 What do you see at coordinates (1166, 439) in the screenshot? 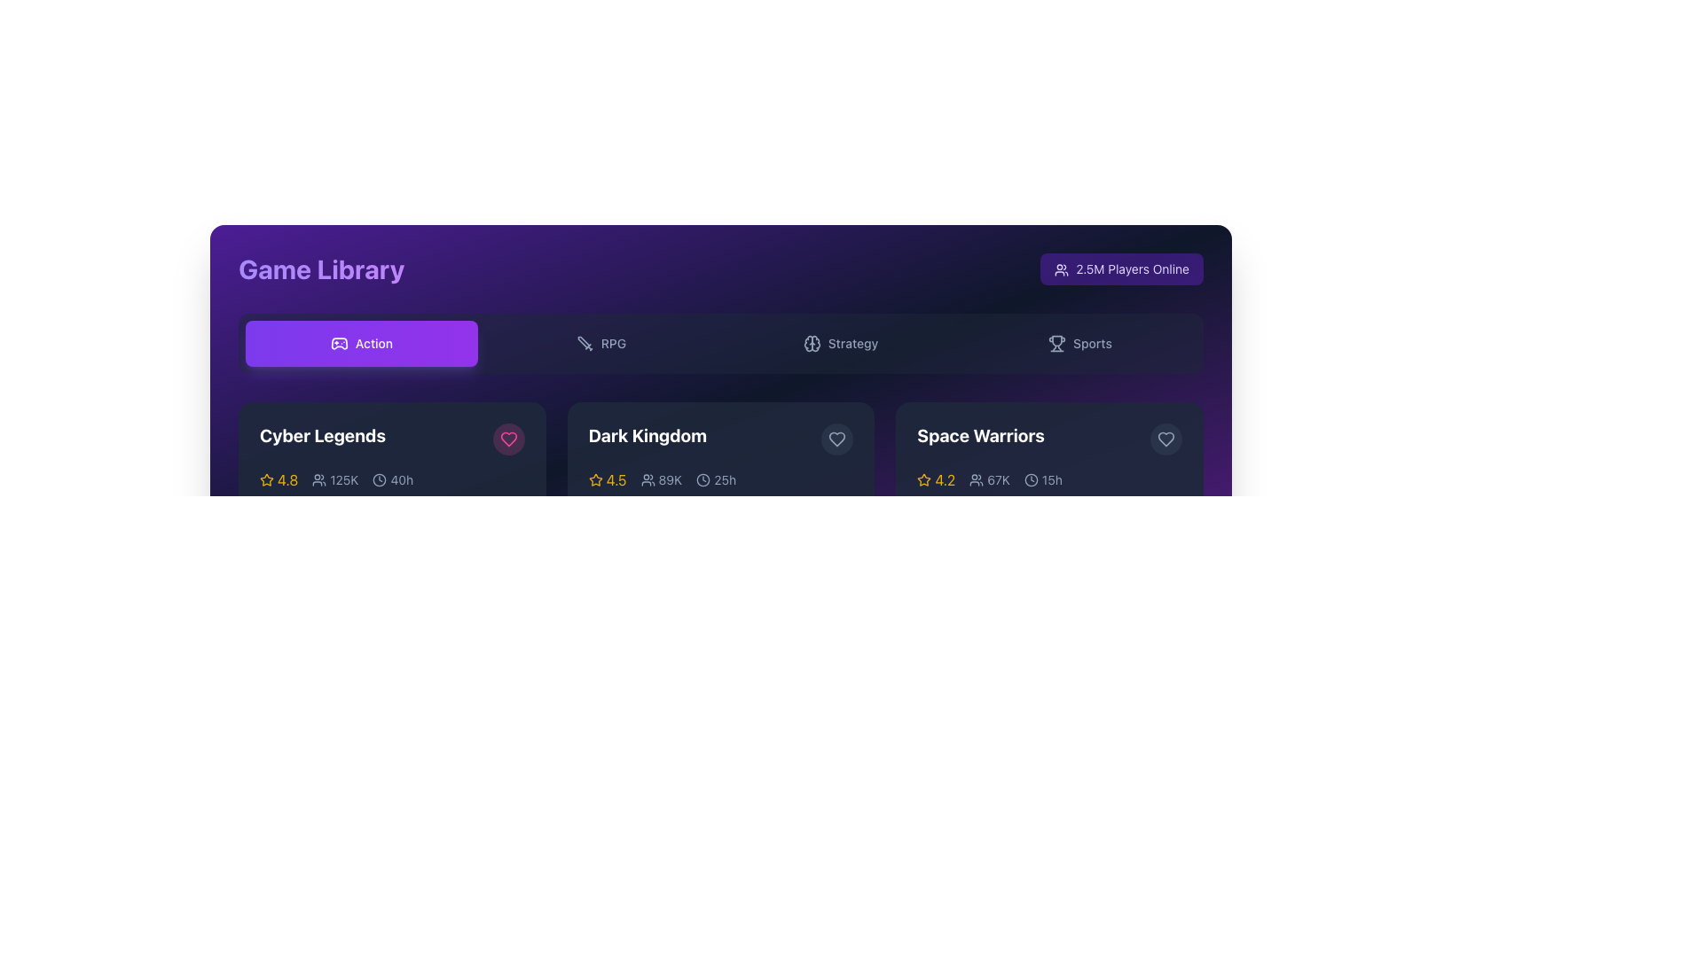
I see `the favorite button located in the top-right corner of the 'Space Warriors' game's card to favorite the item` at bounding box center [1166, 439].